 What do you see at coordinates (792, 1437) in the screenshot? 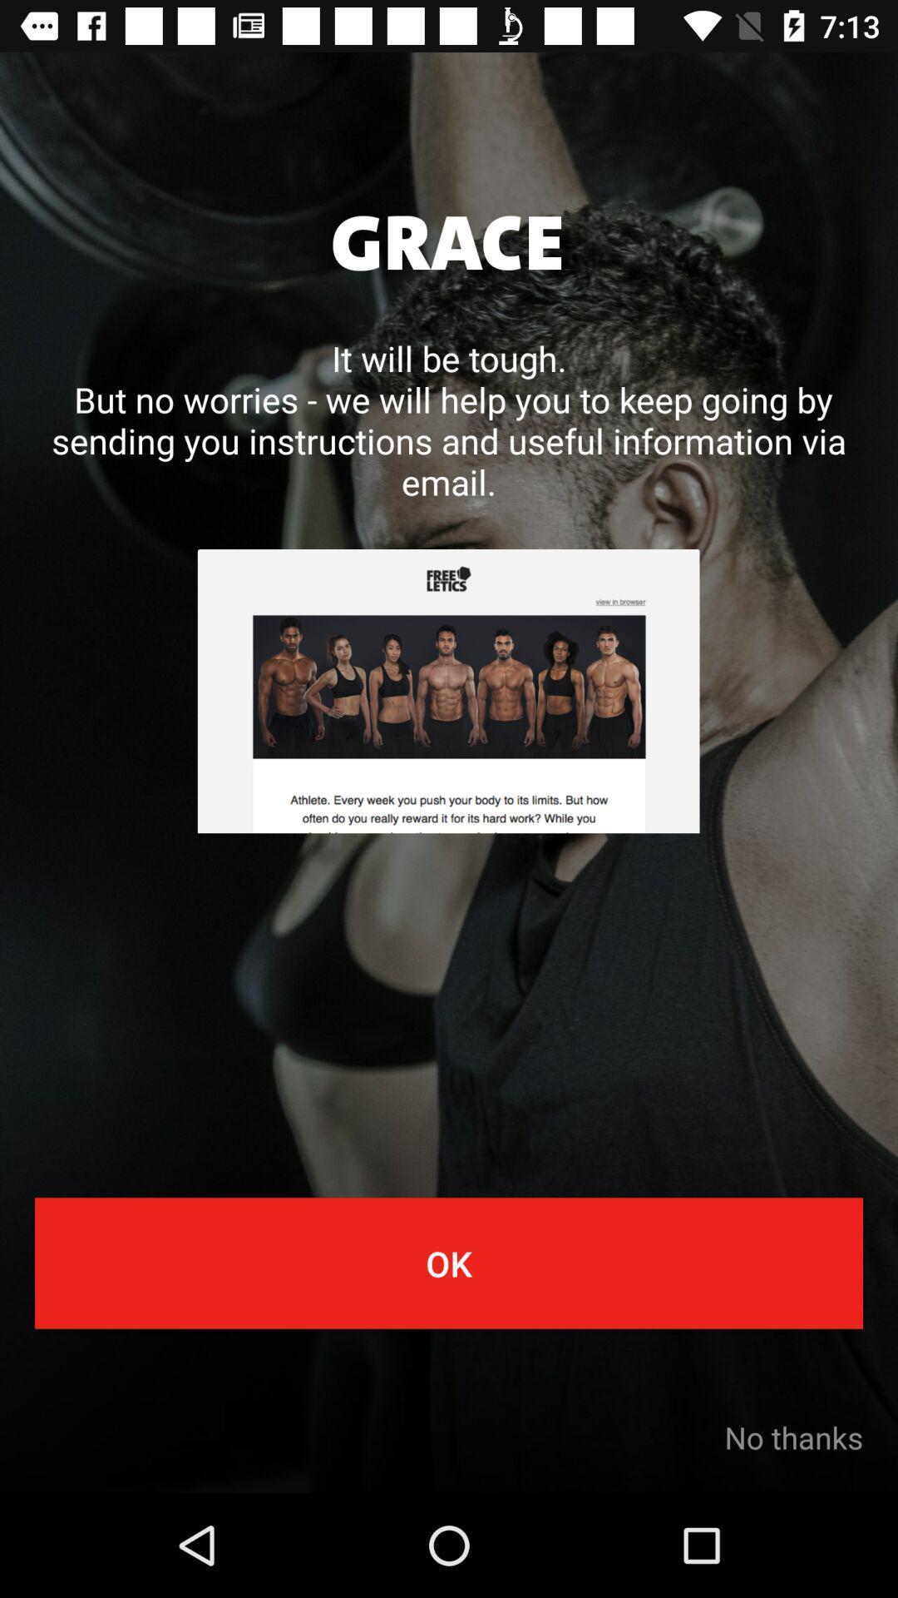
I see `the item below the ok icon` at bounding box center [792, 1437].